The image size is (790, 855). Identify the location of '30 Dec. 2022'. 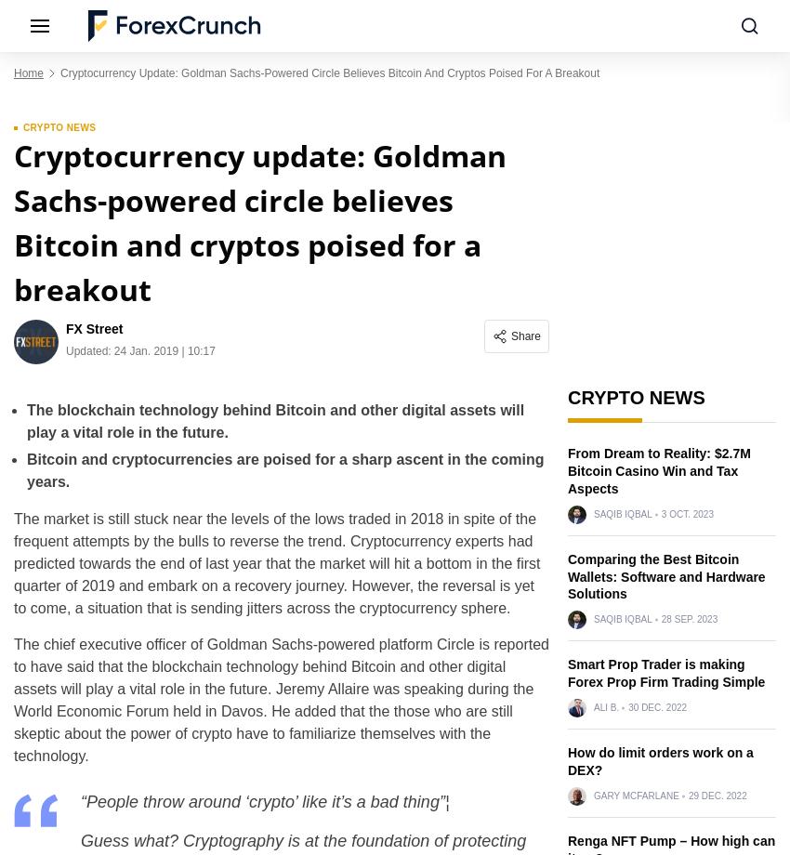
(656, 707).